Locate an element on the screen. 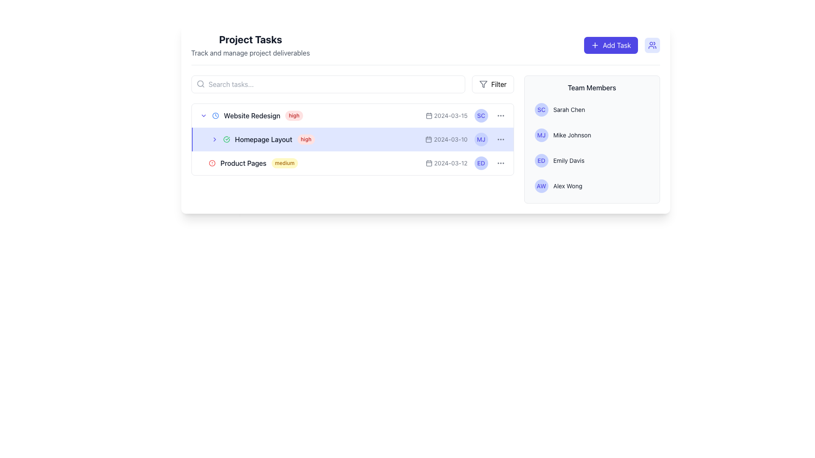  the three-dot vertical ellipsis icon button, styled with a subtle gray color, located to the right of the text 'MJ' in the horizontal layout is located at coordinates (500, 139).